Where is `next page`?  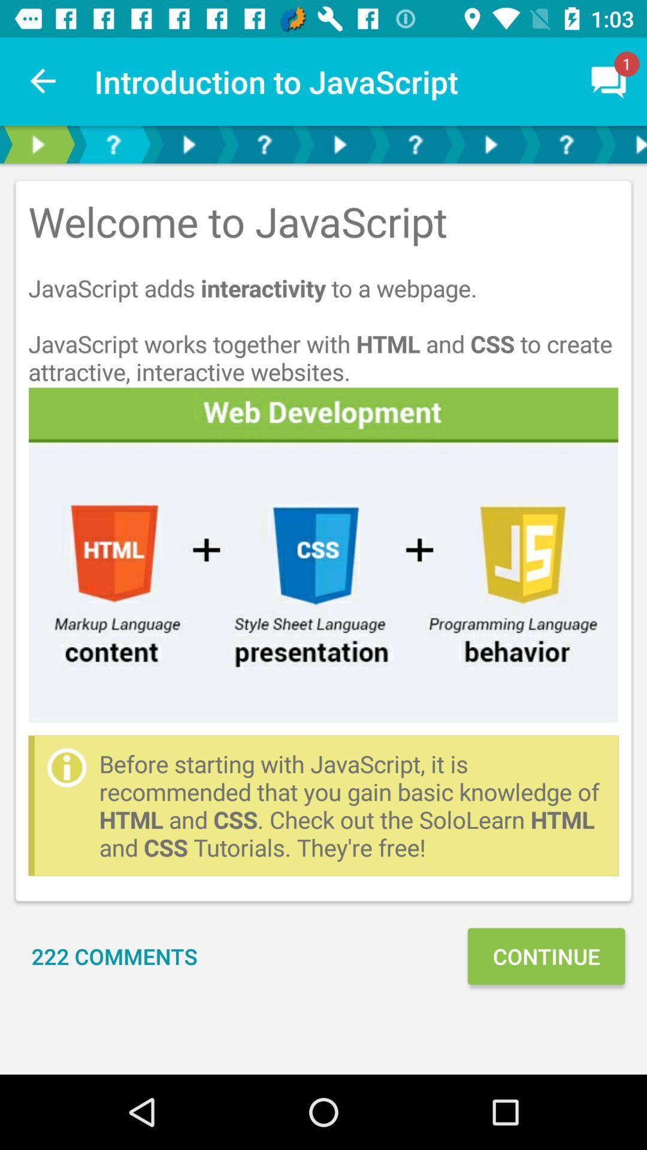 next page is located at coordinates (189, 144).